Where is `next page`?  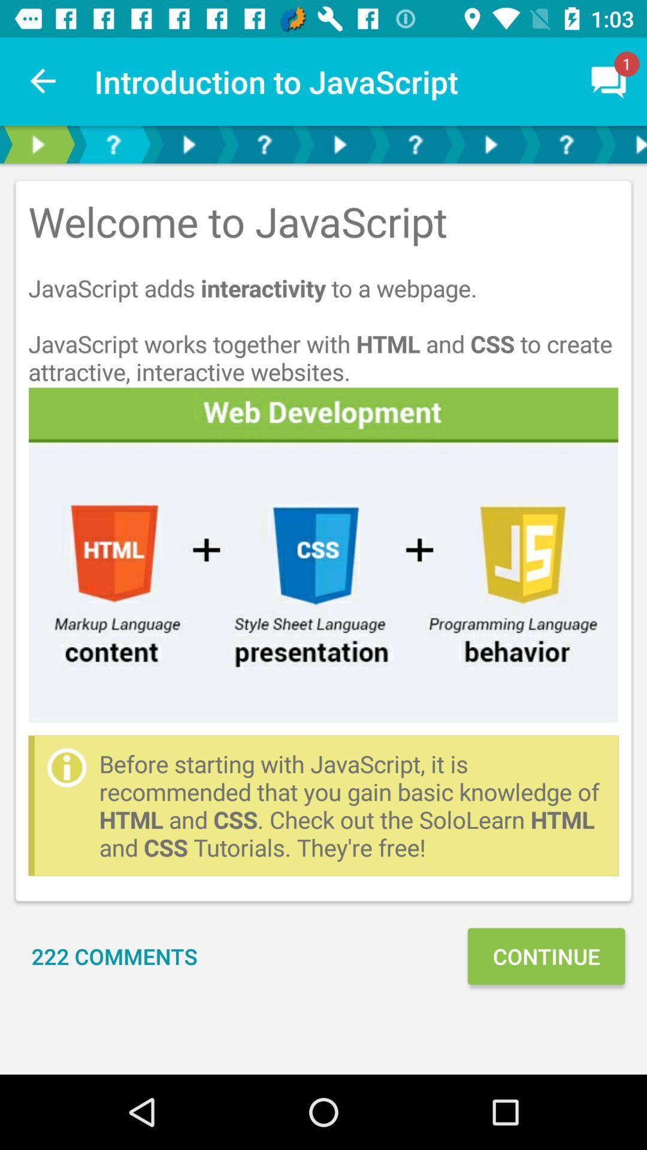 next page is located at coordinates (189, 144).